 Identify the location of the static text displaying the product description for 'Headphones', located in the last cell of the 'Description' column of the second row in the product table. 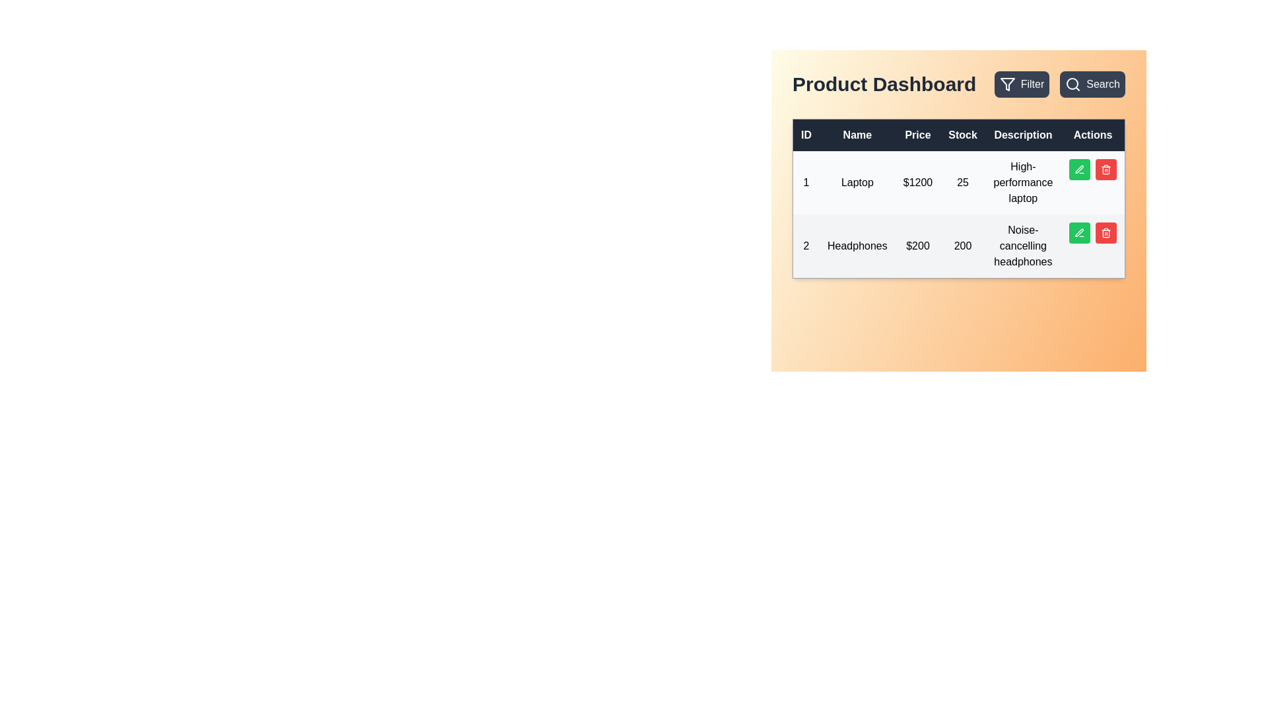
(1022, 246).